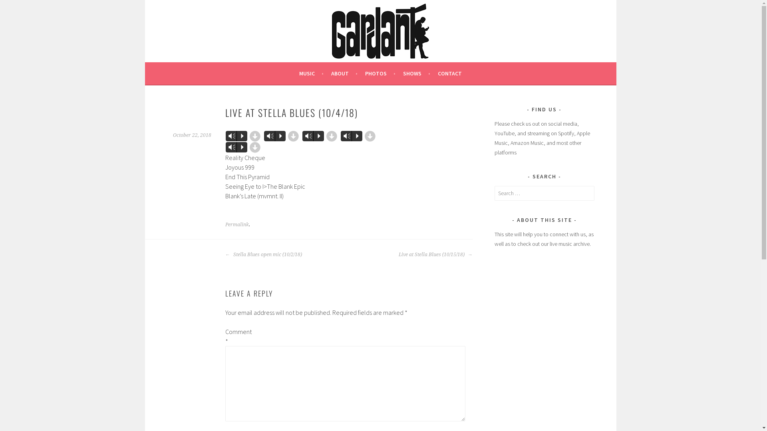 The width and height of the screenshot is (767, 431). Describe the element at coordinates (192, 135) in the screenshot. I see `'October 22, 2018'` at that location.